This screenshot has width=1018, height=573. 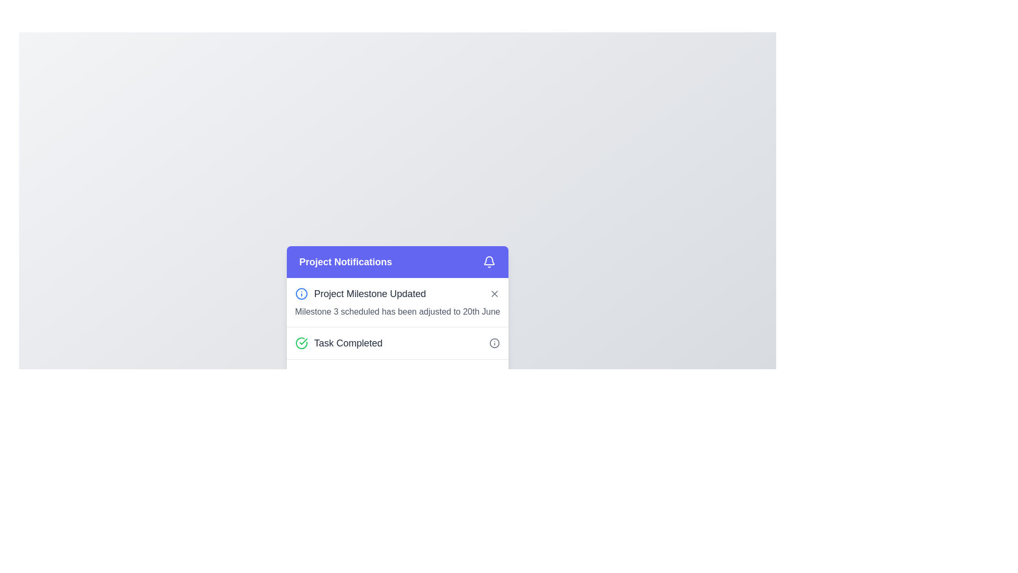 What do you see at coordinates (301, 343) in the screenshot?
I see `the circular icon with a green outer stroke and a check mark inside, located within the 'Task Completed' notification item in the 'Project Notifications' interface` at bounding box center [301, 343].